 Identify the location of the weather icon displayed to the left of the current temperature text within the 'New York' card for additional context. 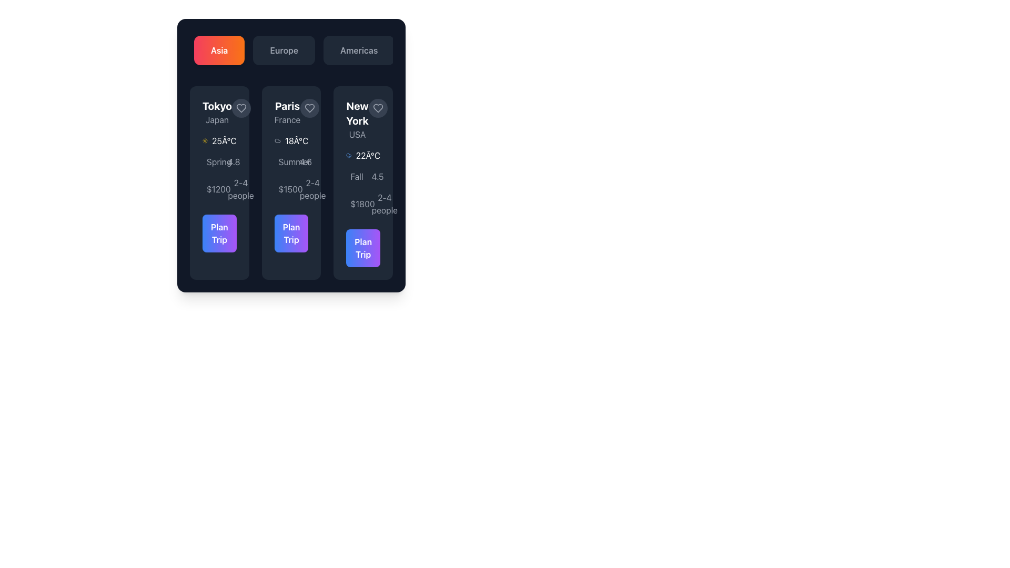
(363, 156).